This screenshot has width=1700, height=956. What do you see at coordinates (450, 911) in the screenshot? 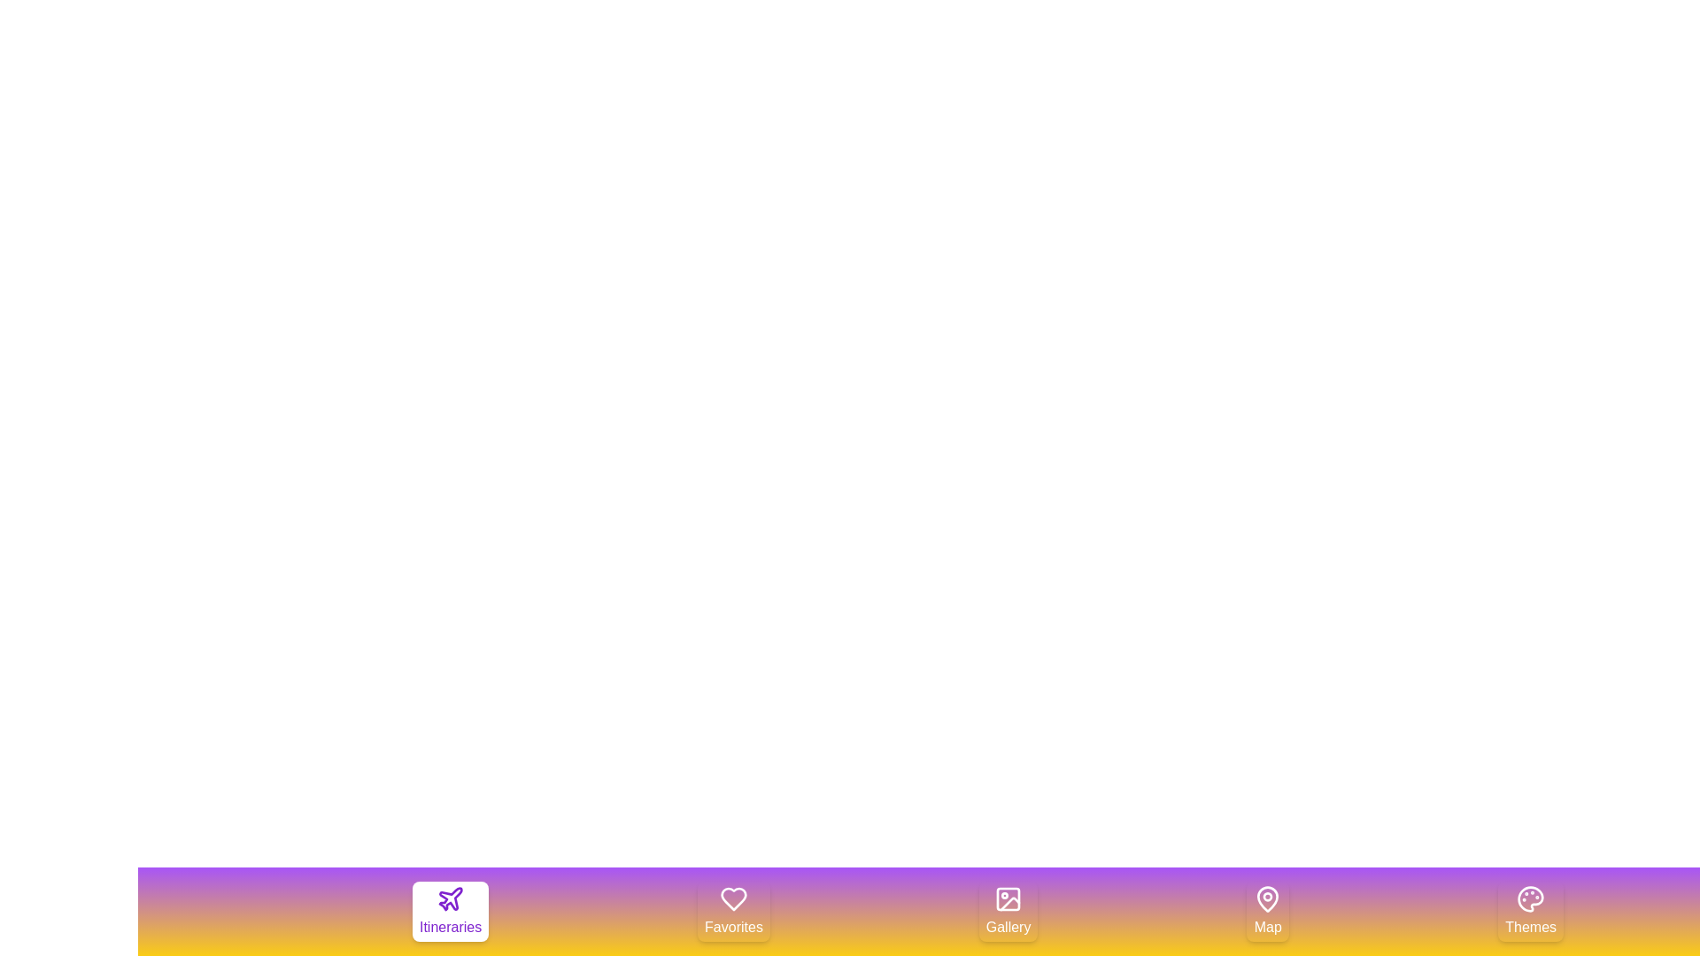
I see `the tab labeled Itineraries to observe its hover effect` at bounding box center [450, 911].